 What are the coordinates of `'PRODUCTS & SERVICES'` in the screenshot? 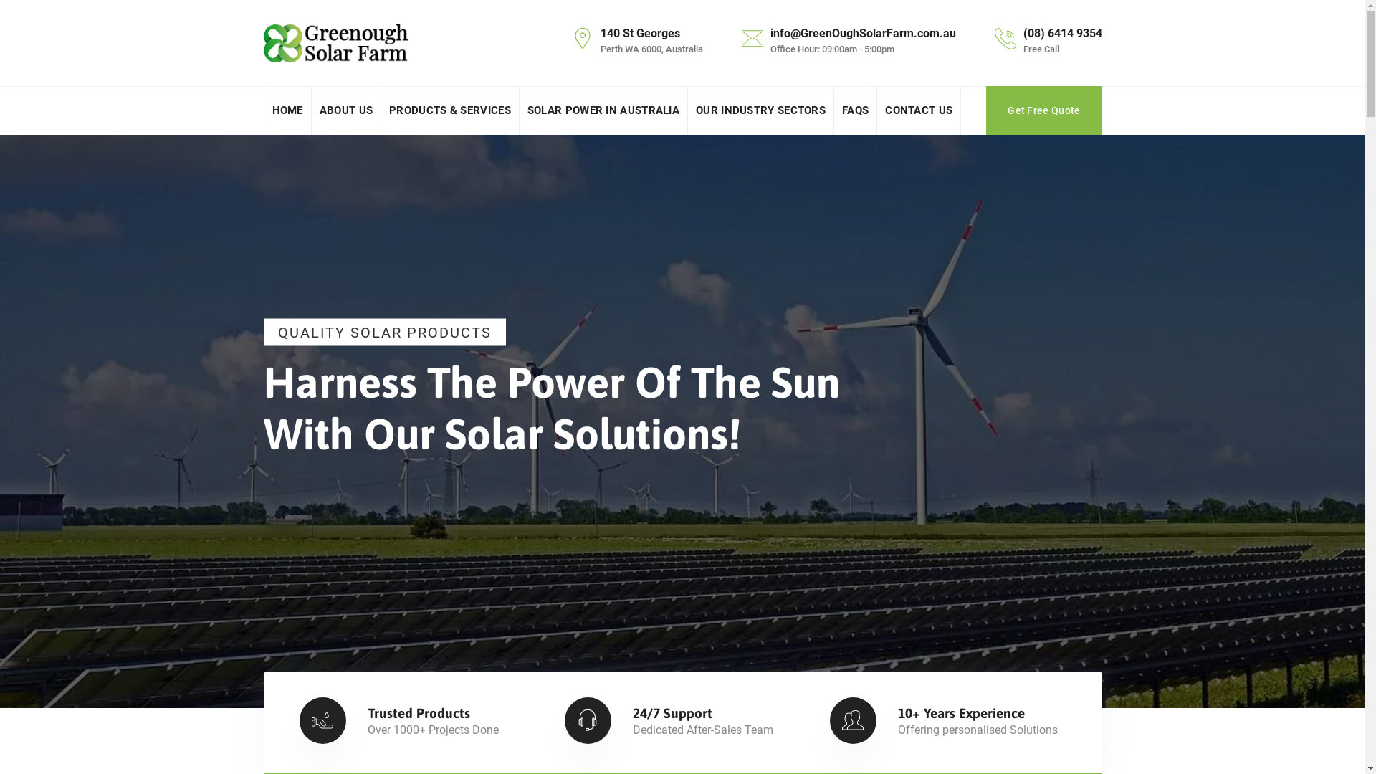 It's located at (449, 110).